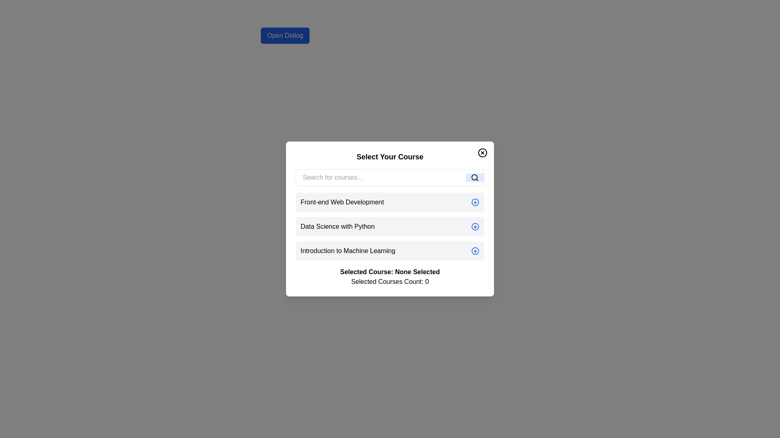 The height and width of the screenshot is (438, 780). I want to click on the static text label displaying the course name 'Front-end Web Development' which is the first item in the list of selectable courses, so click(342, 202).